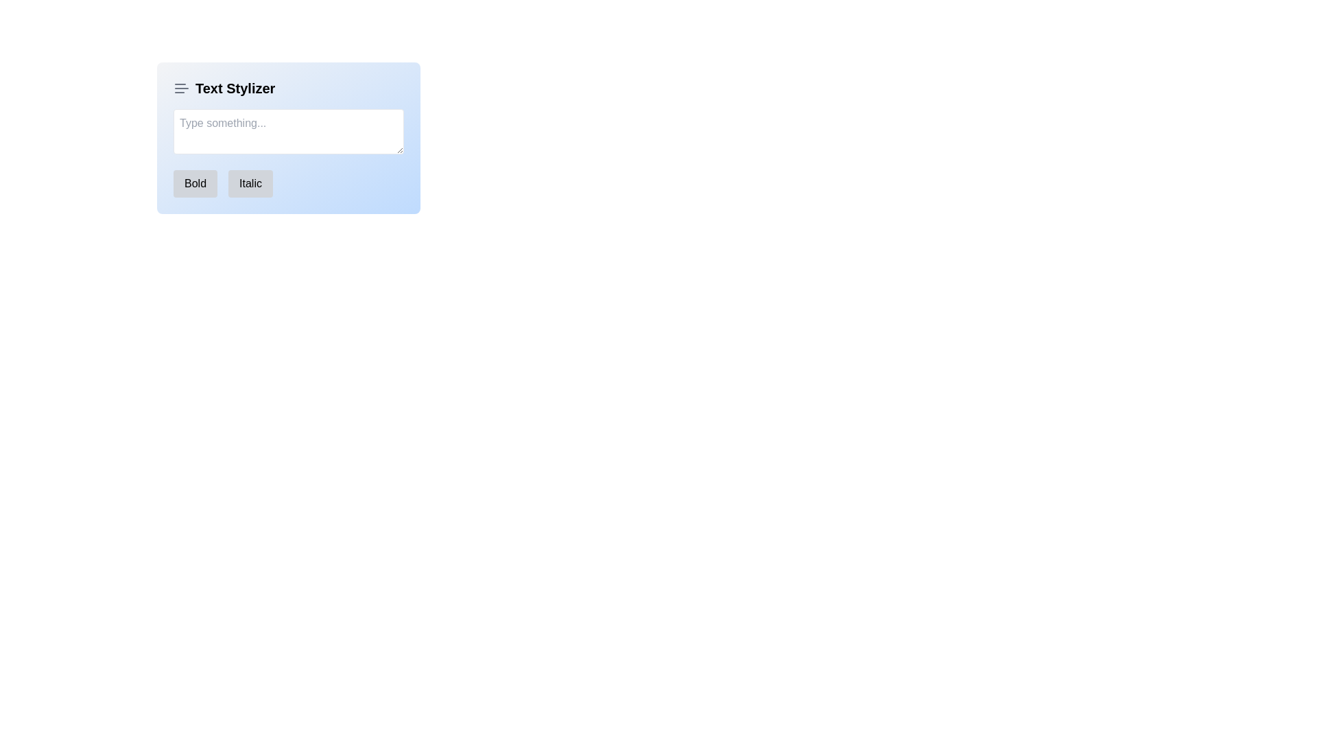  What do you see at coordinates (194, 183) in the screenshot?
I see `the 'Bold' button located on the interface toolbar to apply bold formatting` at bounding box center [194, 183].